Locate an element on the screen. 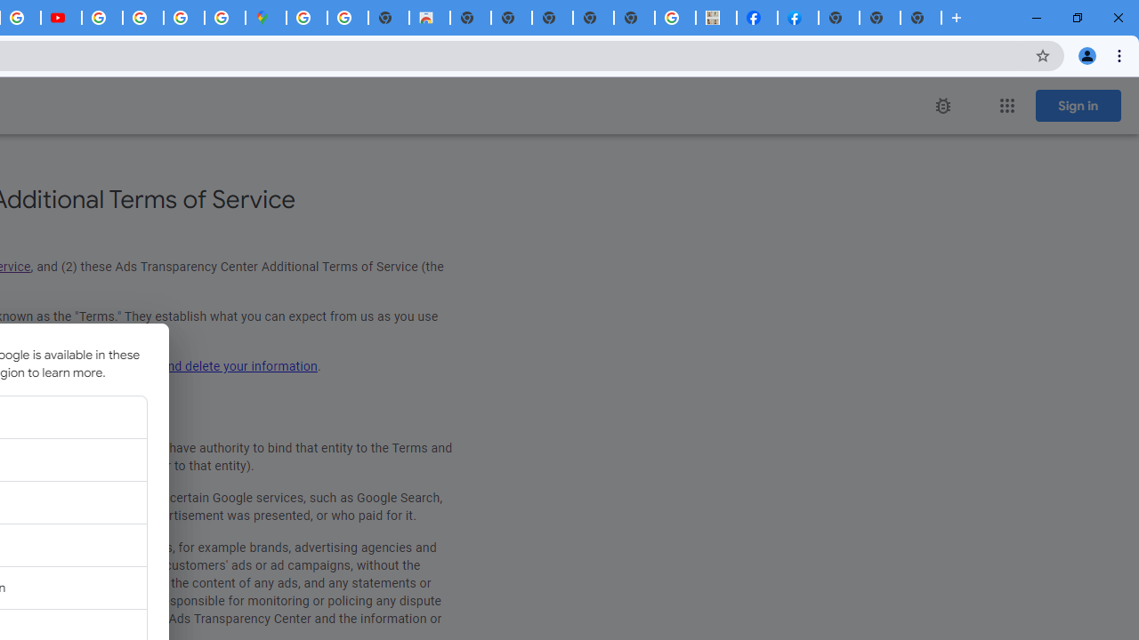 The image size is (1139, 640). 'MILEY CYRUS.' is located at coordinates (716, 18).